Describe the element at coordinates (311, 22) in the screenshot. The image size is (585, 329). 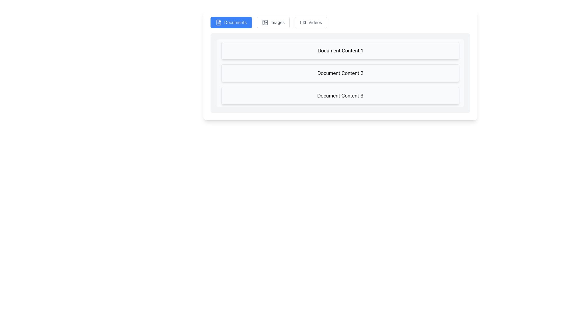
I see `the 'Videos' button, which is the third button in a horizontal group of buttons labeled 'Documents', 'Images', and 'Videos'` at that location.